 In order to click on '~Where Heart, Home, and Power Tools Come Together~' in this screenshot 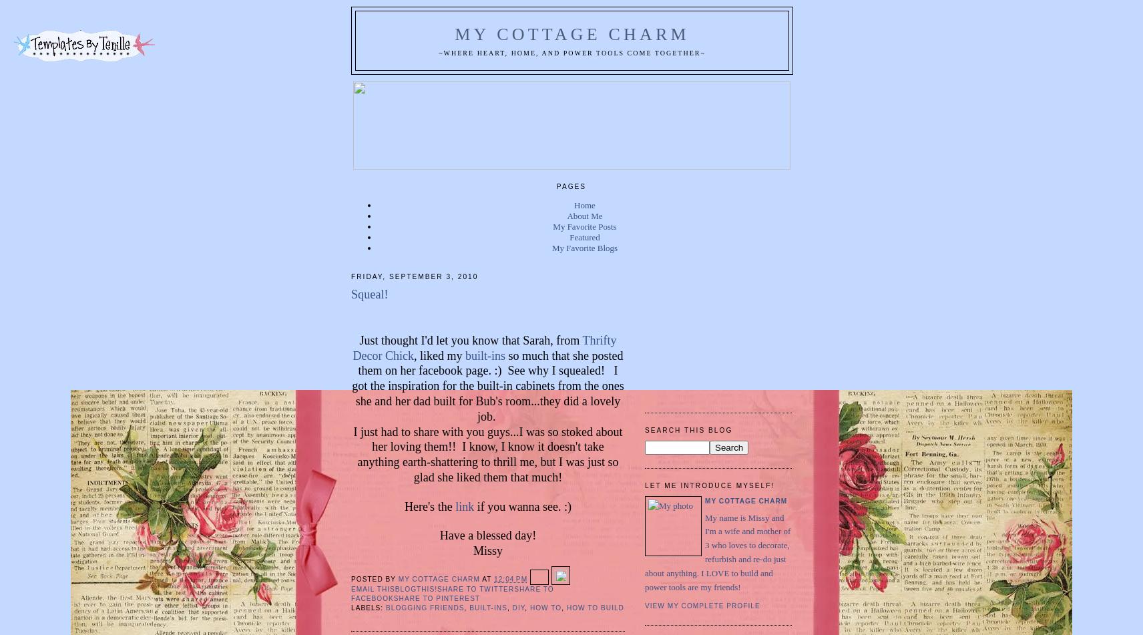, I will do `click(571, 52)`.